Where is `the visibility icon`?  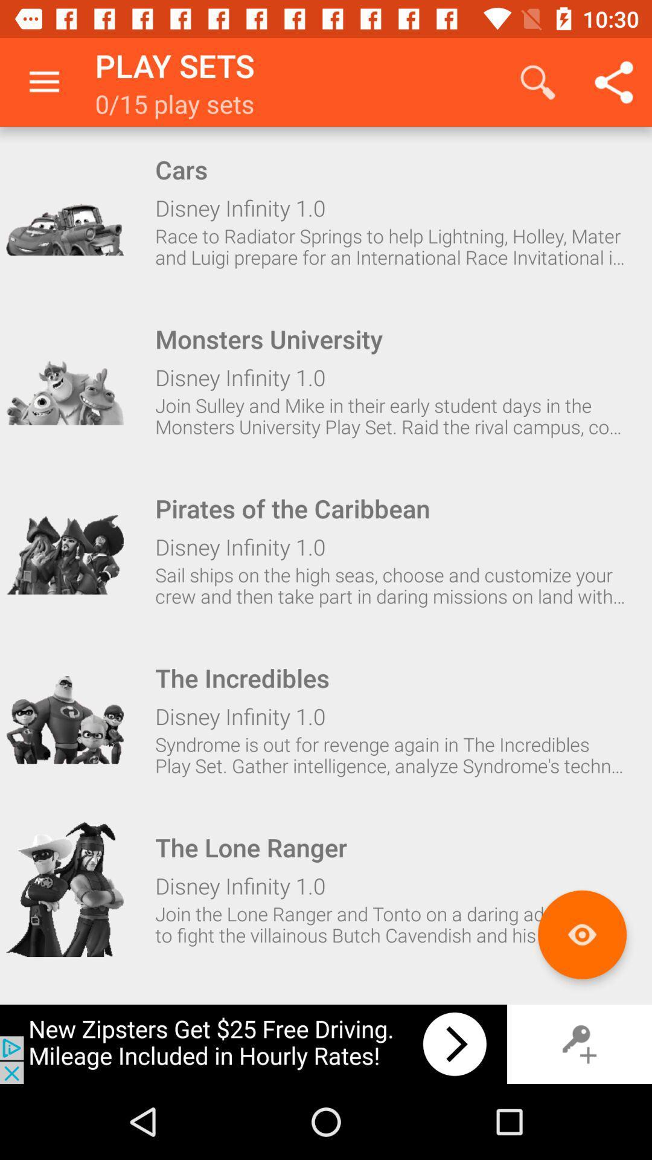 the visibility icon is located at coordinates (581, 934).